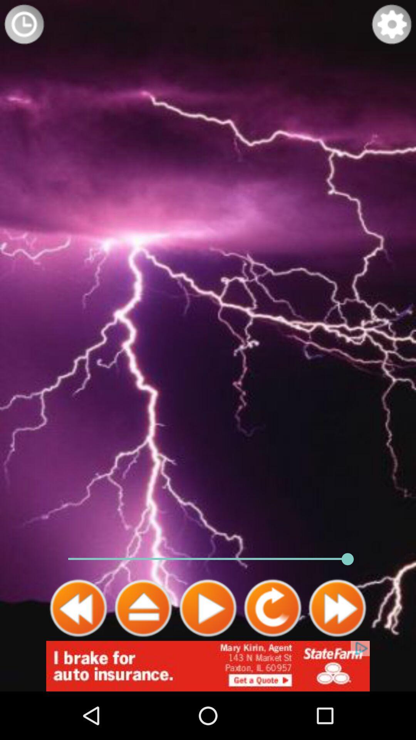 This screenshot has height=740, width=416. I want to click on back, so click(79, 608).